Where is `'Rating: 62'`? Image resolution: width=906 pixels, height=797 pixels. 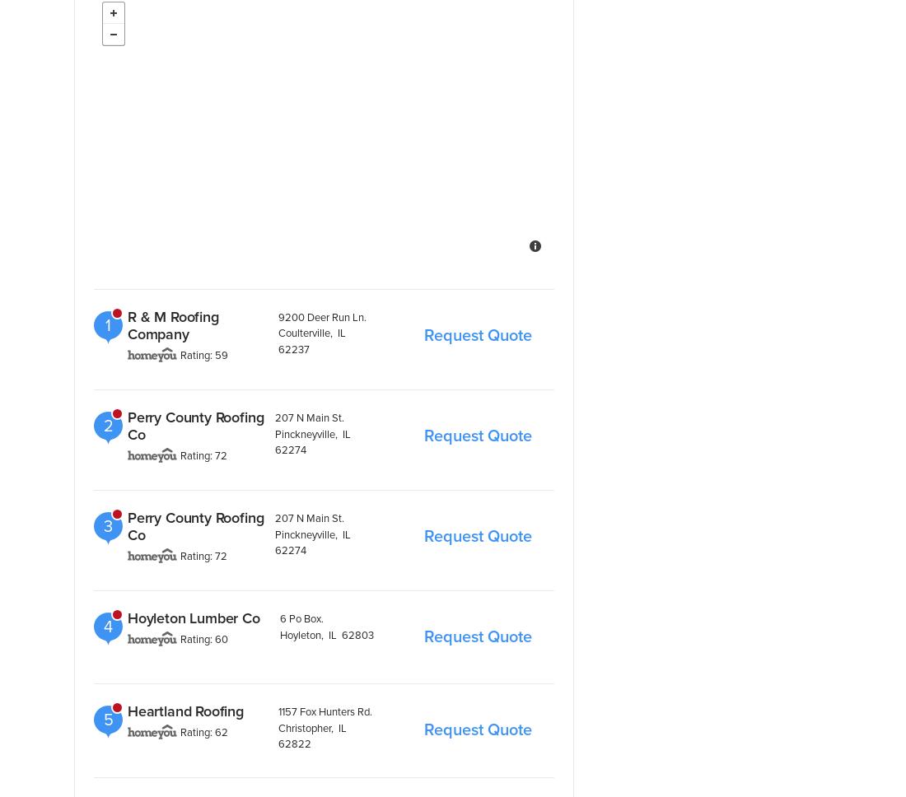 'Rating: 62' is located at coordinates (204, 732).